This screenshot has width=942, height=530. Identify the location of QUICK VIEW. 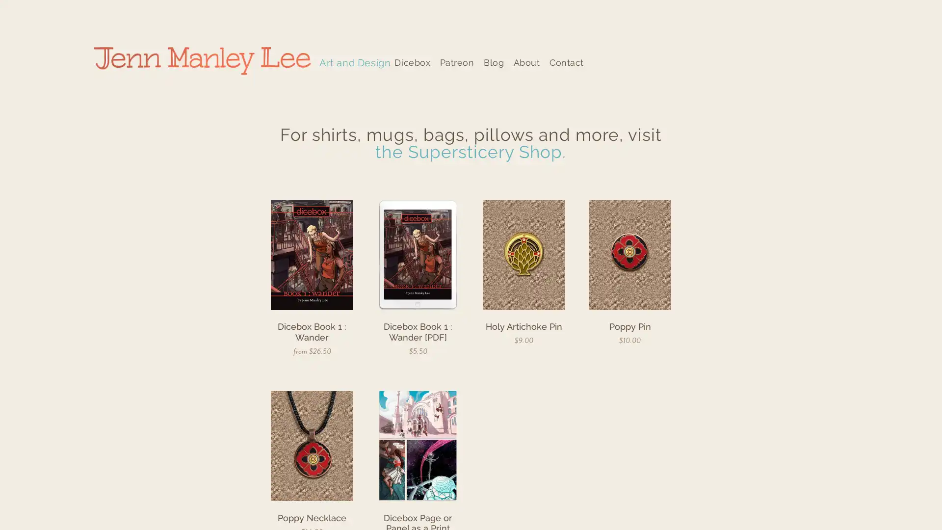
(523, 325).